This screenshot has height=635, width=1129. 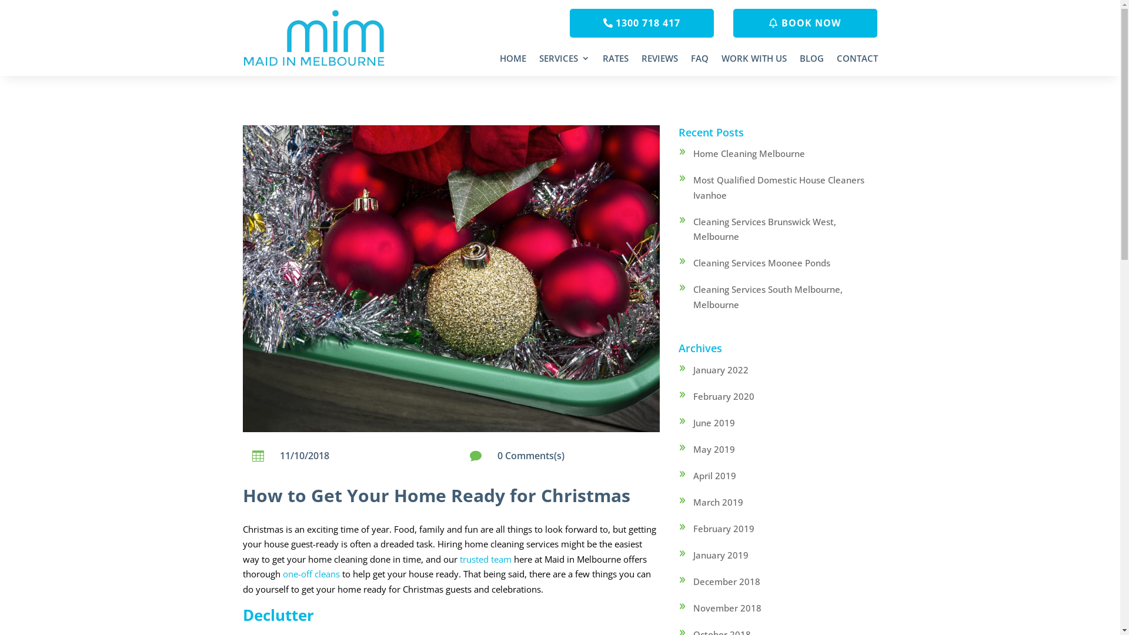 I want to click on 'November 2018', so click(x=727, y=607).